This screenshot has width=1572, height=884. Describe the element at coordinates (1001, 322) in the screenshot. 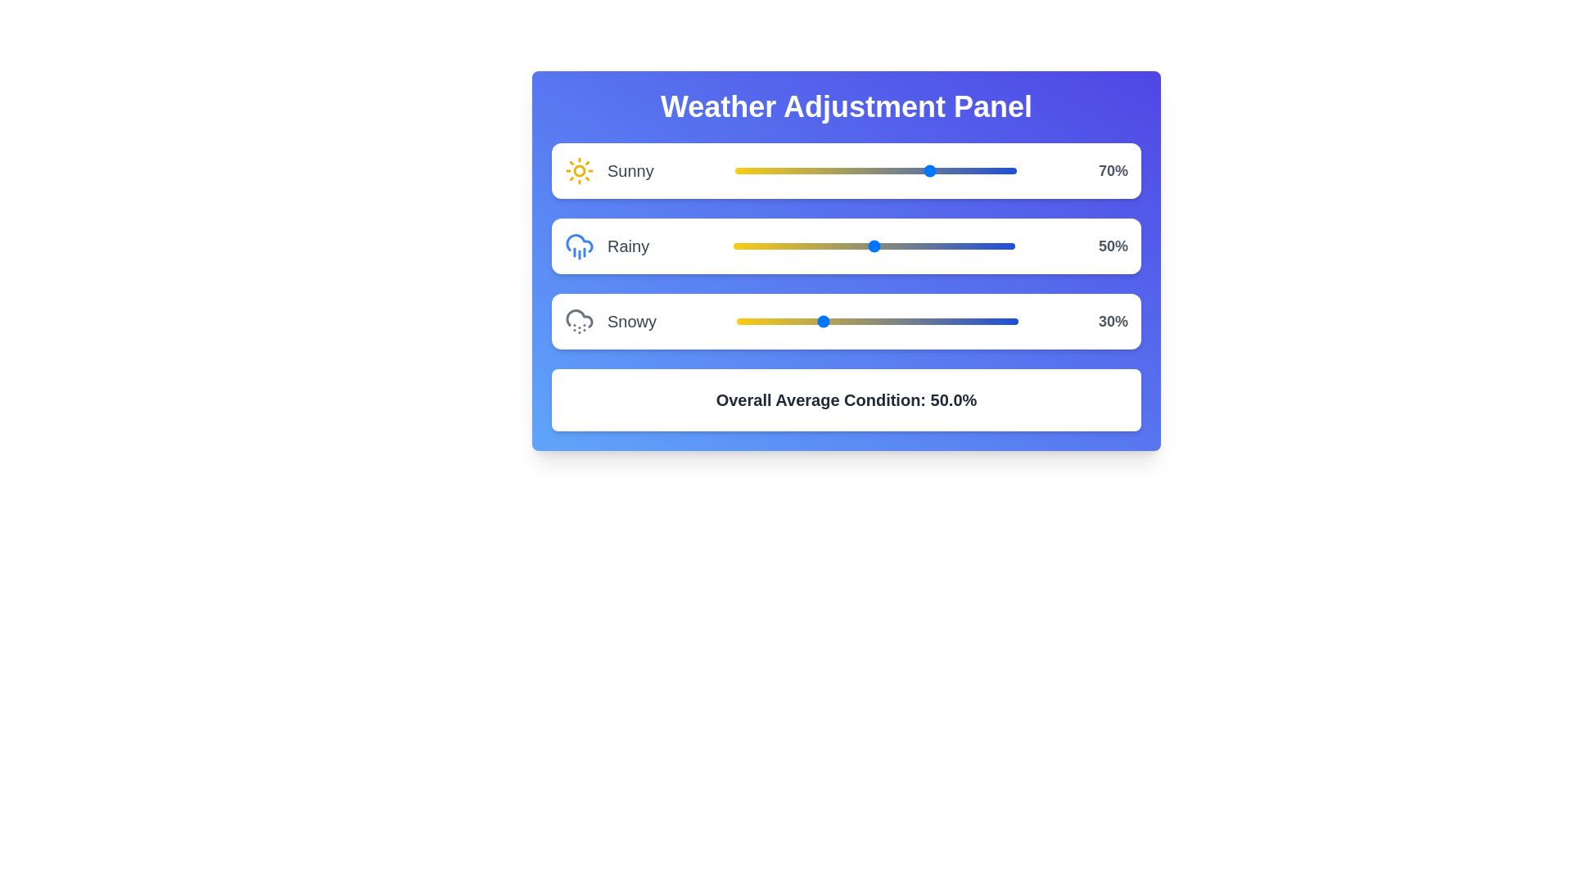

I see `the snowy condition percentage` at that location.